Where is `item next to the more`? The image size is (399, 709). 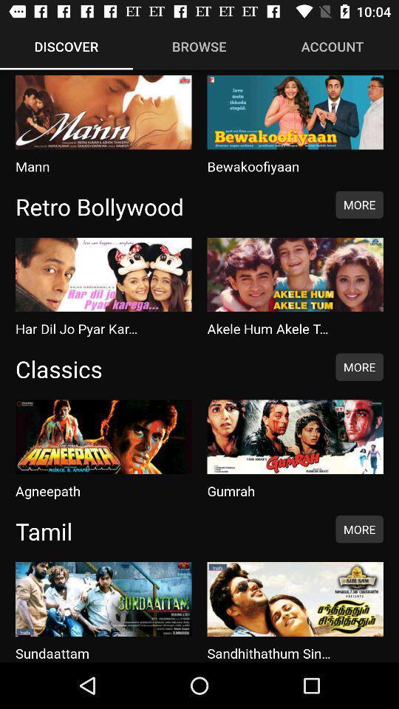 item next to the more is located at coordinates (167, 205).